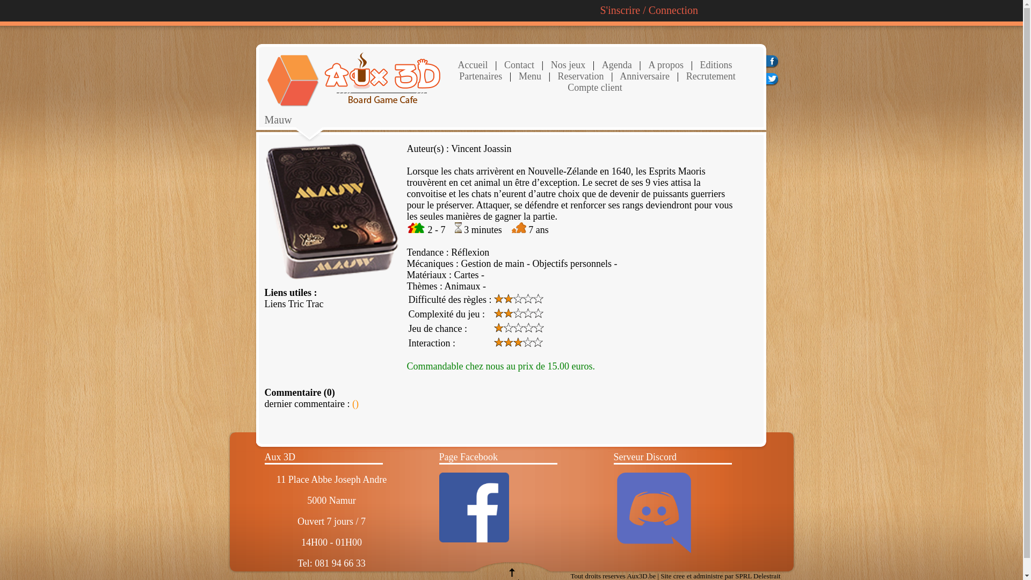 Image resolution: width=1031 pixels, height=580 pixels. I want to click on 'Partenaires', so click(480, 76).